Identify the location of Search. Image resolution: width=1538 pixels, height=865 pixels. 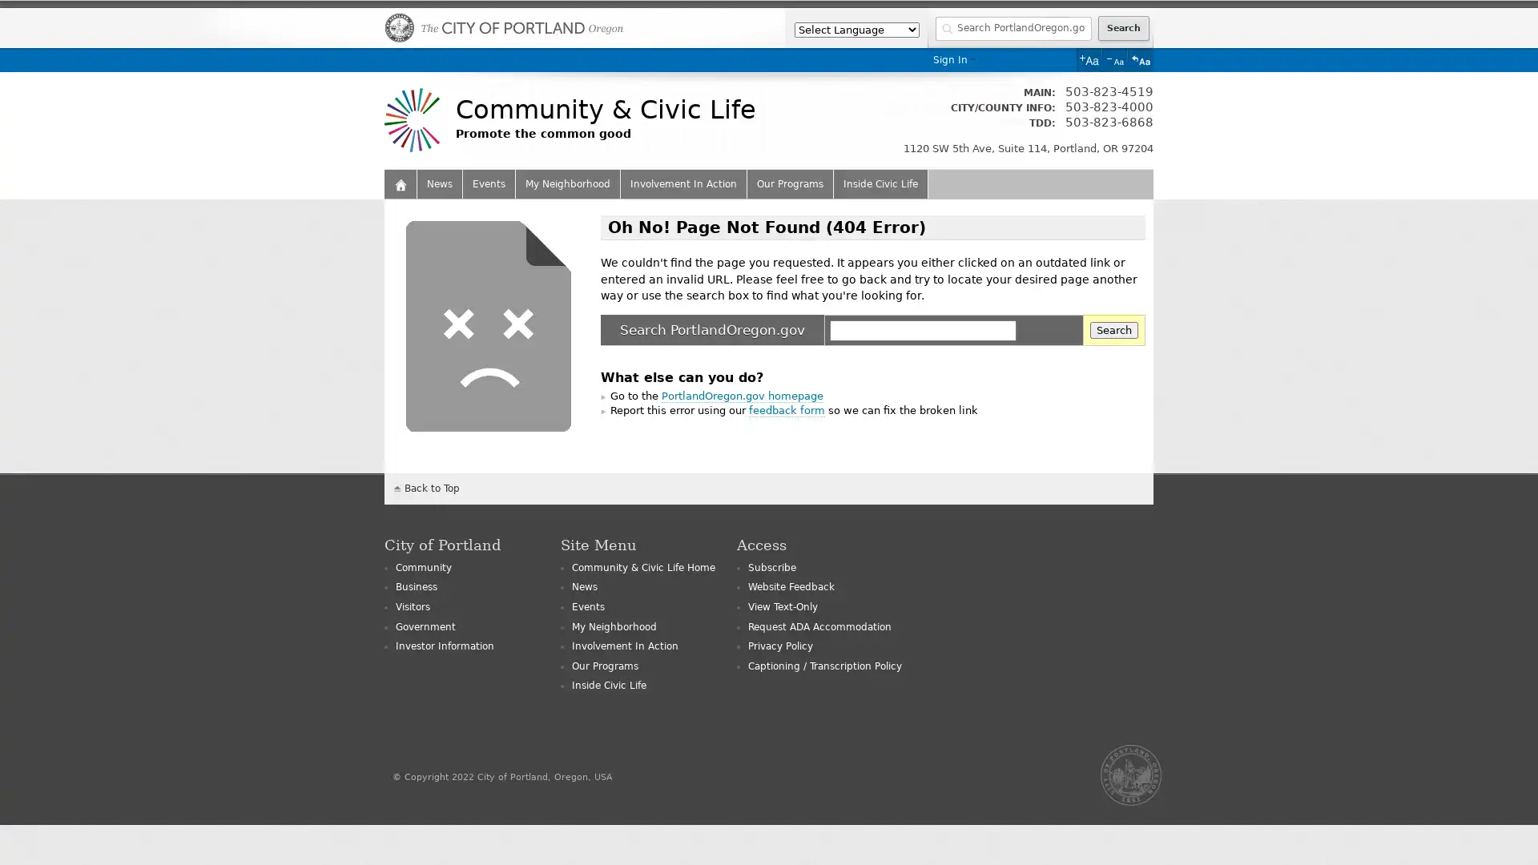
(1122, 28).